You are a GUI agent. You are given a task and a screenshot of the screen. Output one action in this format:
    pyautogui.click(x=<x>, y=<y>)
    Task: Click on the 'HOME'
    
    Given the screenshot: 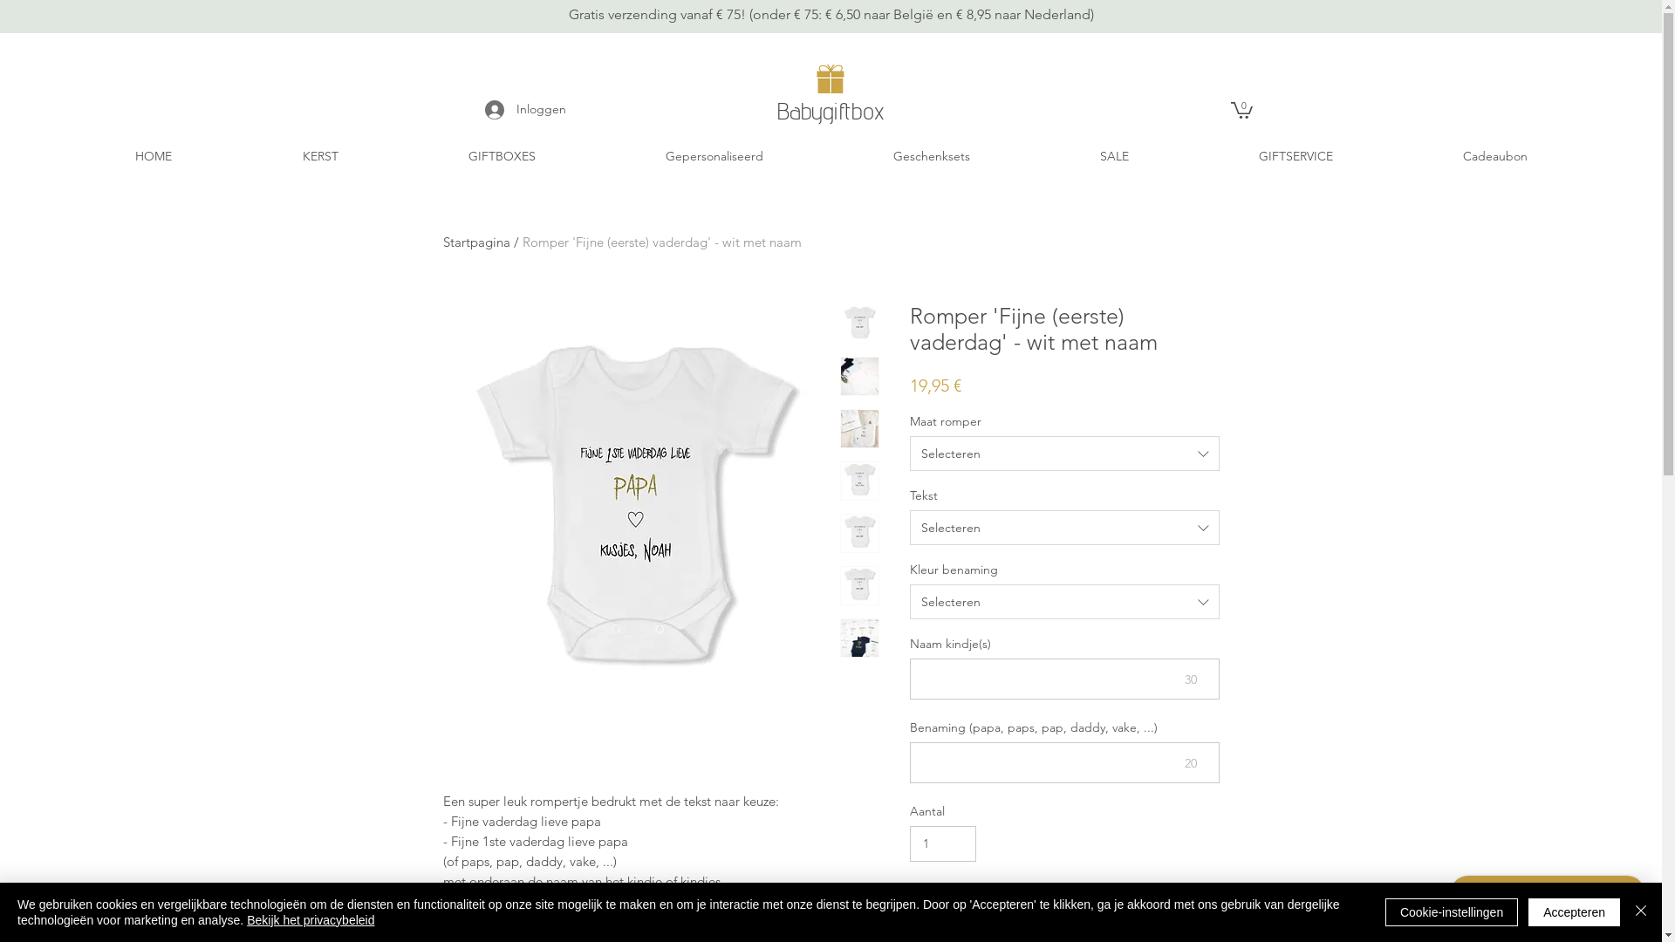 What is the action you would take?
    pyautogui.click(x=154, y=155)
    